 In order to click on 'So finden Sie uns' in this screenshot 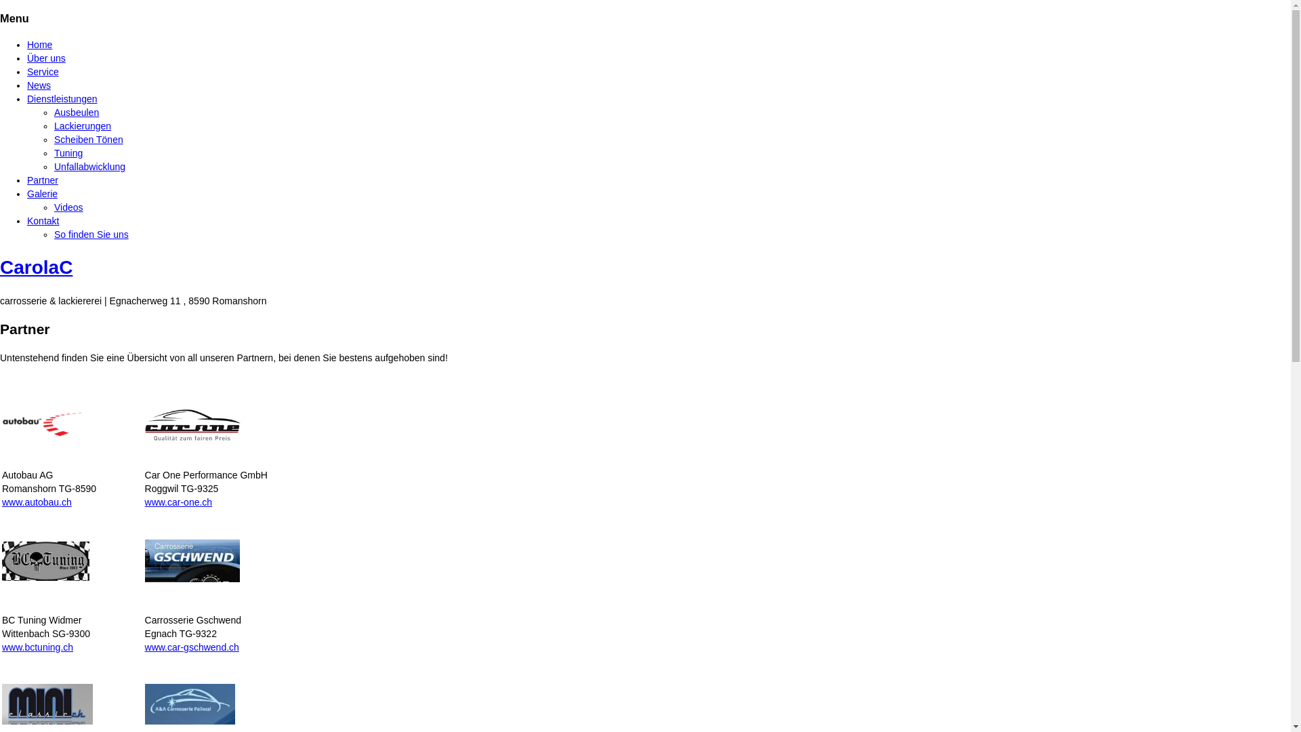, I will do `click(90, 234)`.